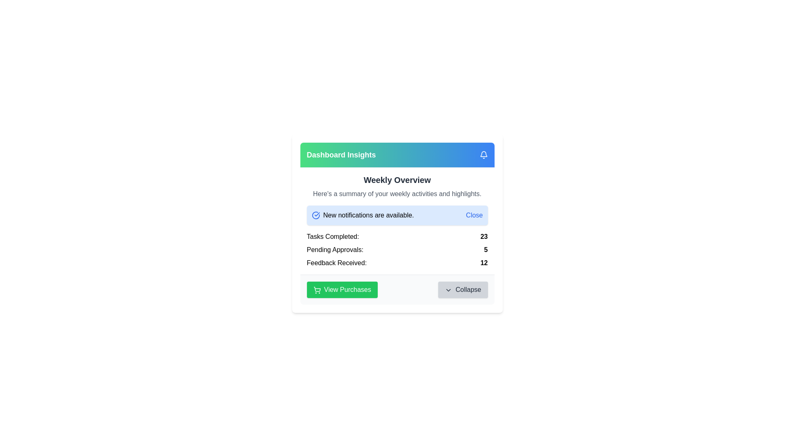 The width and height of the screenshot is (790, 444). What do you see at coordinates (335, 250) in the screenshot?
I see `text label 'Pending Approvals:' located under the 'Weekly Overview' section, which indicates the number of pending approvals` at bounding box center [335, 250].